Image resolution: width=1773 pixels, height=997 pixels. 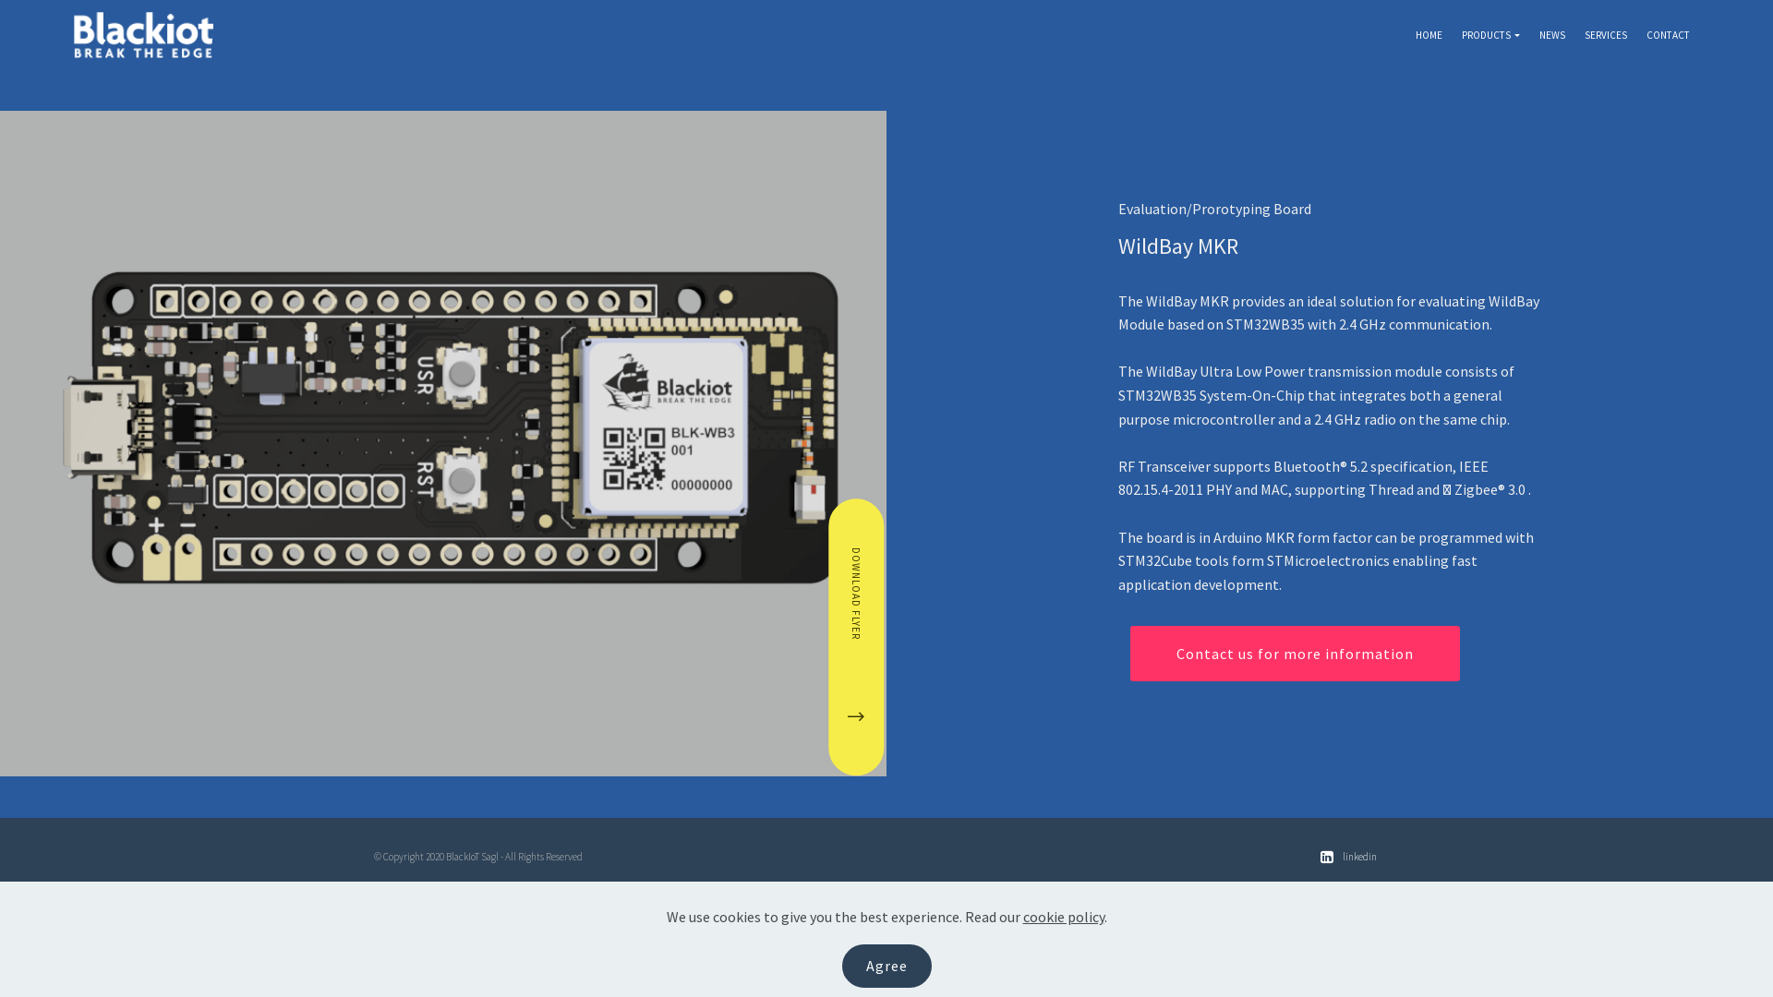 What do you see at coordinates (1646, 35) in the screenshot?
I see `'CONTACT'` at bounding box center [1646, 35].